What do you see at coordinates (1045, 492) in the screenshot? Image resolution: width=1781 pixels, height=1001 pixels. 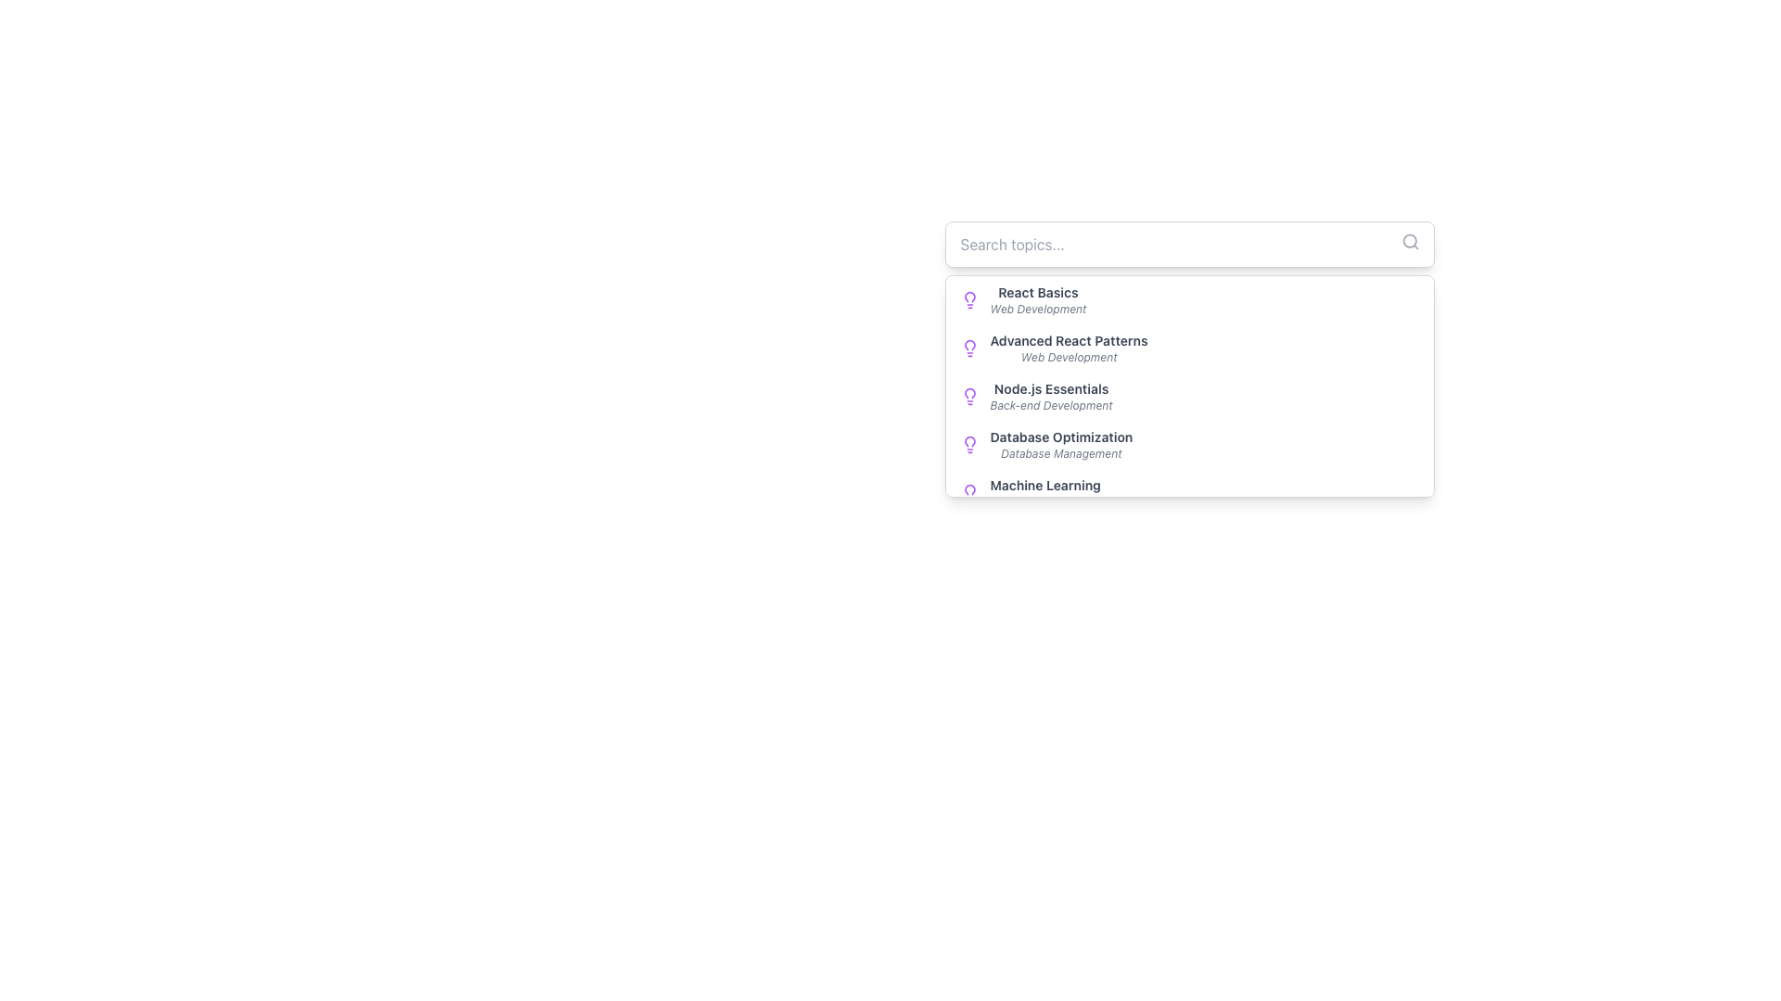 I see `the fifth item in the dropdown menu related to machine learning applications, located near a purple lightbulb icon` at bounding box center [1045, 492].